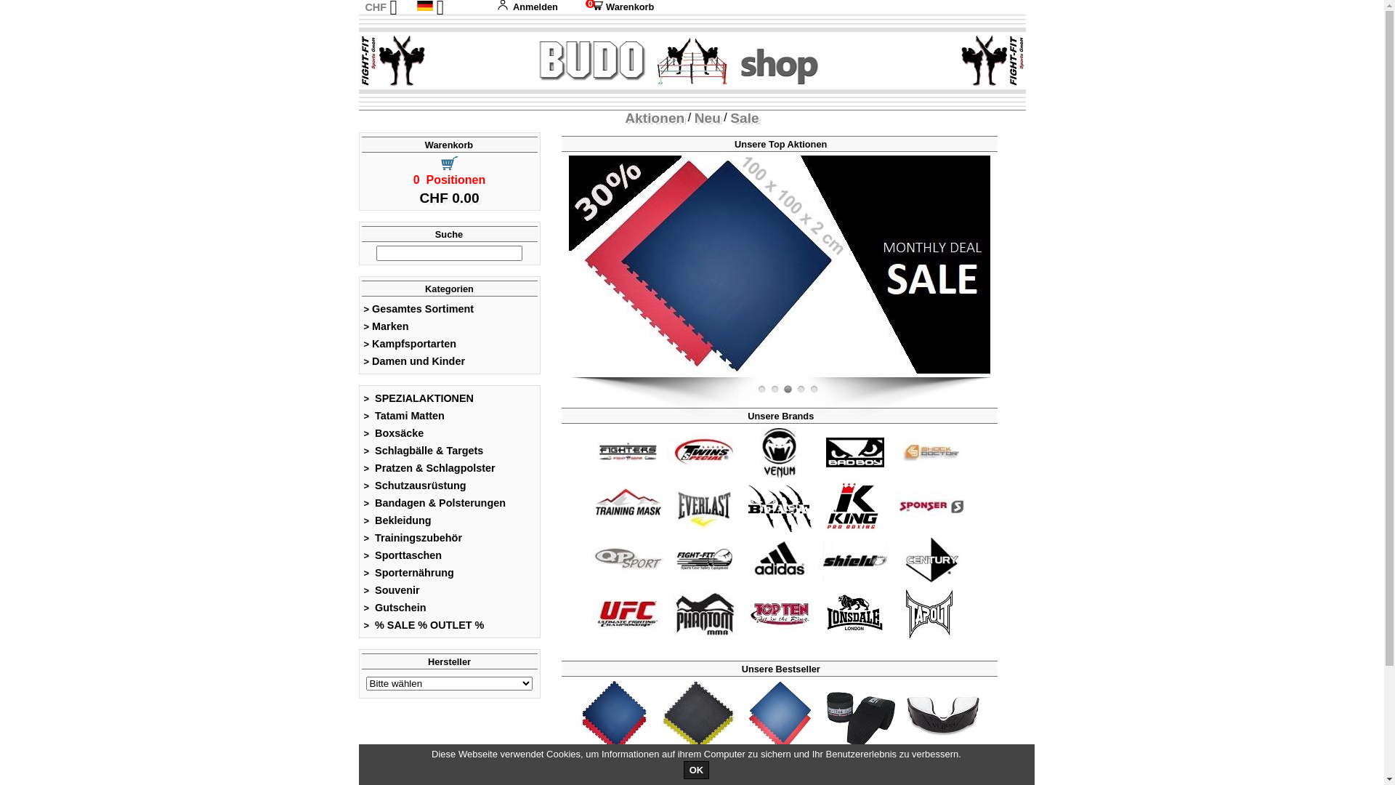  What do you see at coordinates (363, 590) in the screenshot?
I see `'>  Souvenir'` at bounding box center [363, 590].